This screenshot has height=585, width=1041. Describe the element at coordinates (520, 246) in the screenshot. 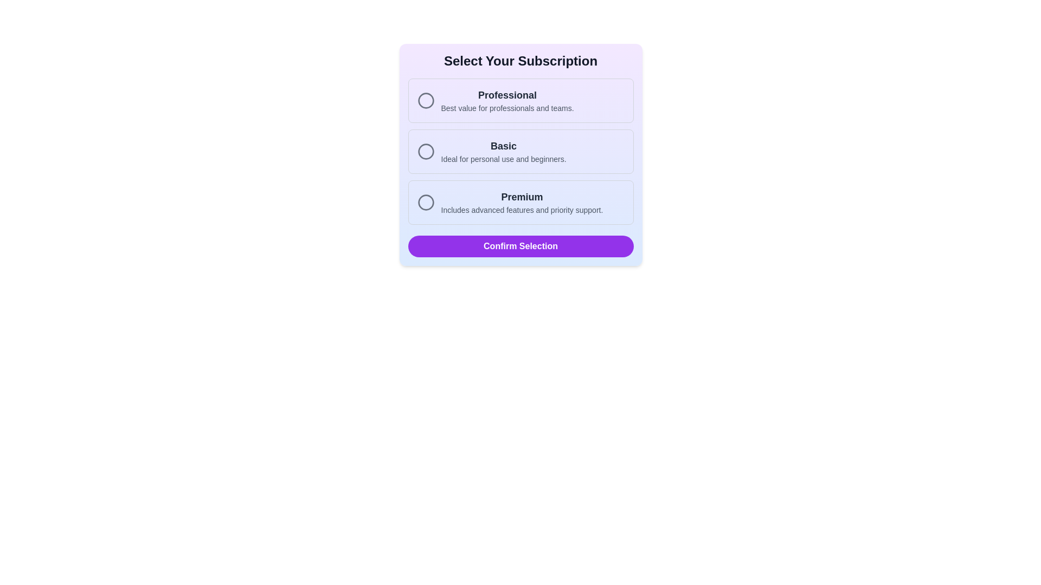

I see `the confirmation button located at the bottom of the subscription options card to confirm the user's subscription selection` at that location.